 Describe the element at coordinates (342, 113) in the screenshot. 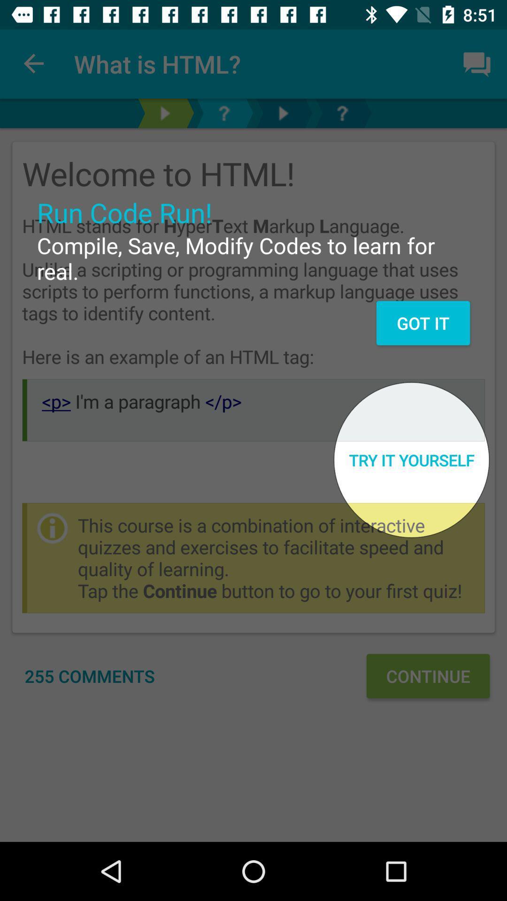

I see `the help icon` at that location.